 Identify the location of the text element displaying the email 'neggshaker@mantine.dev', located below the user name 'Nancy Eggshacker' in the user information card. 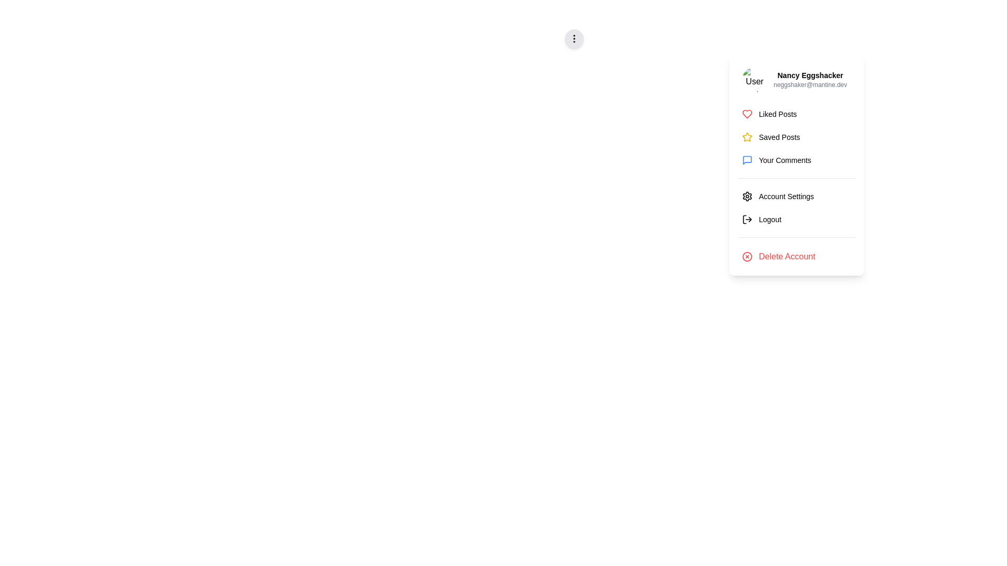
(810, 84).